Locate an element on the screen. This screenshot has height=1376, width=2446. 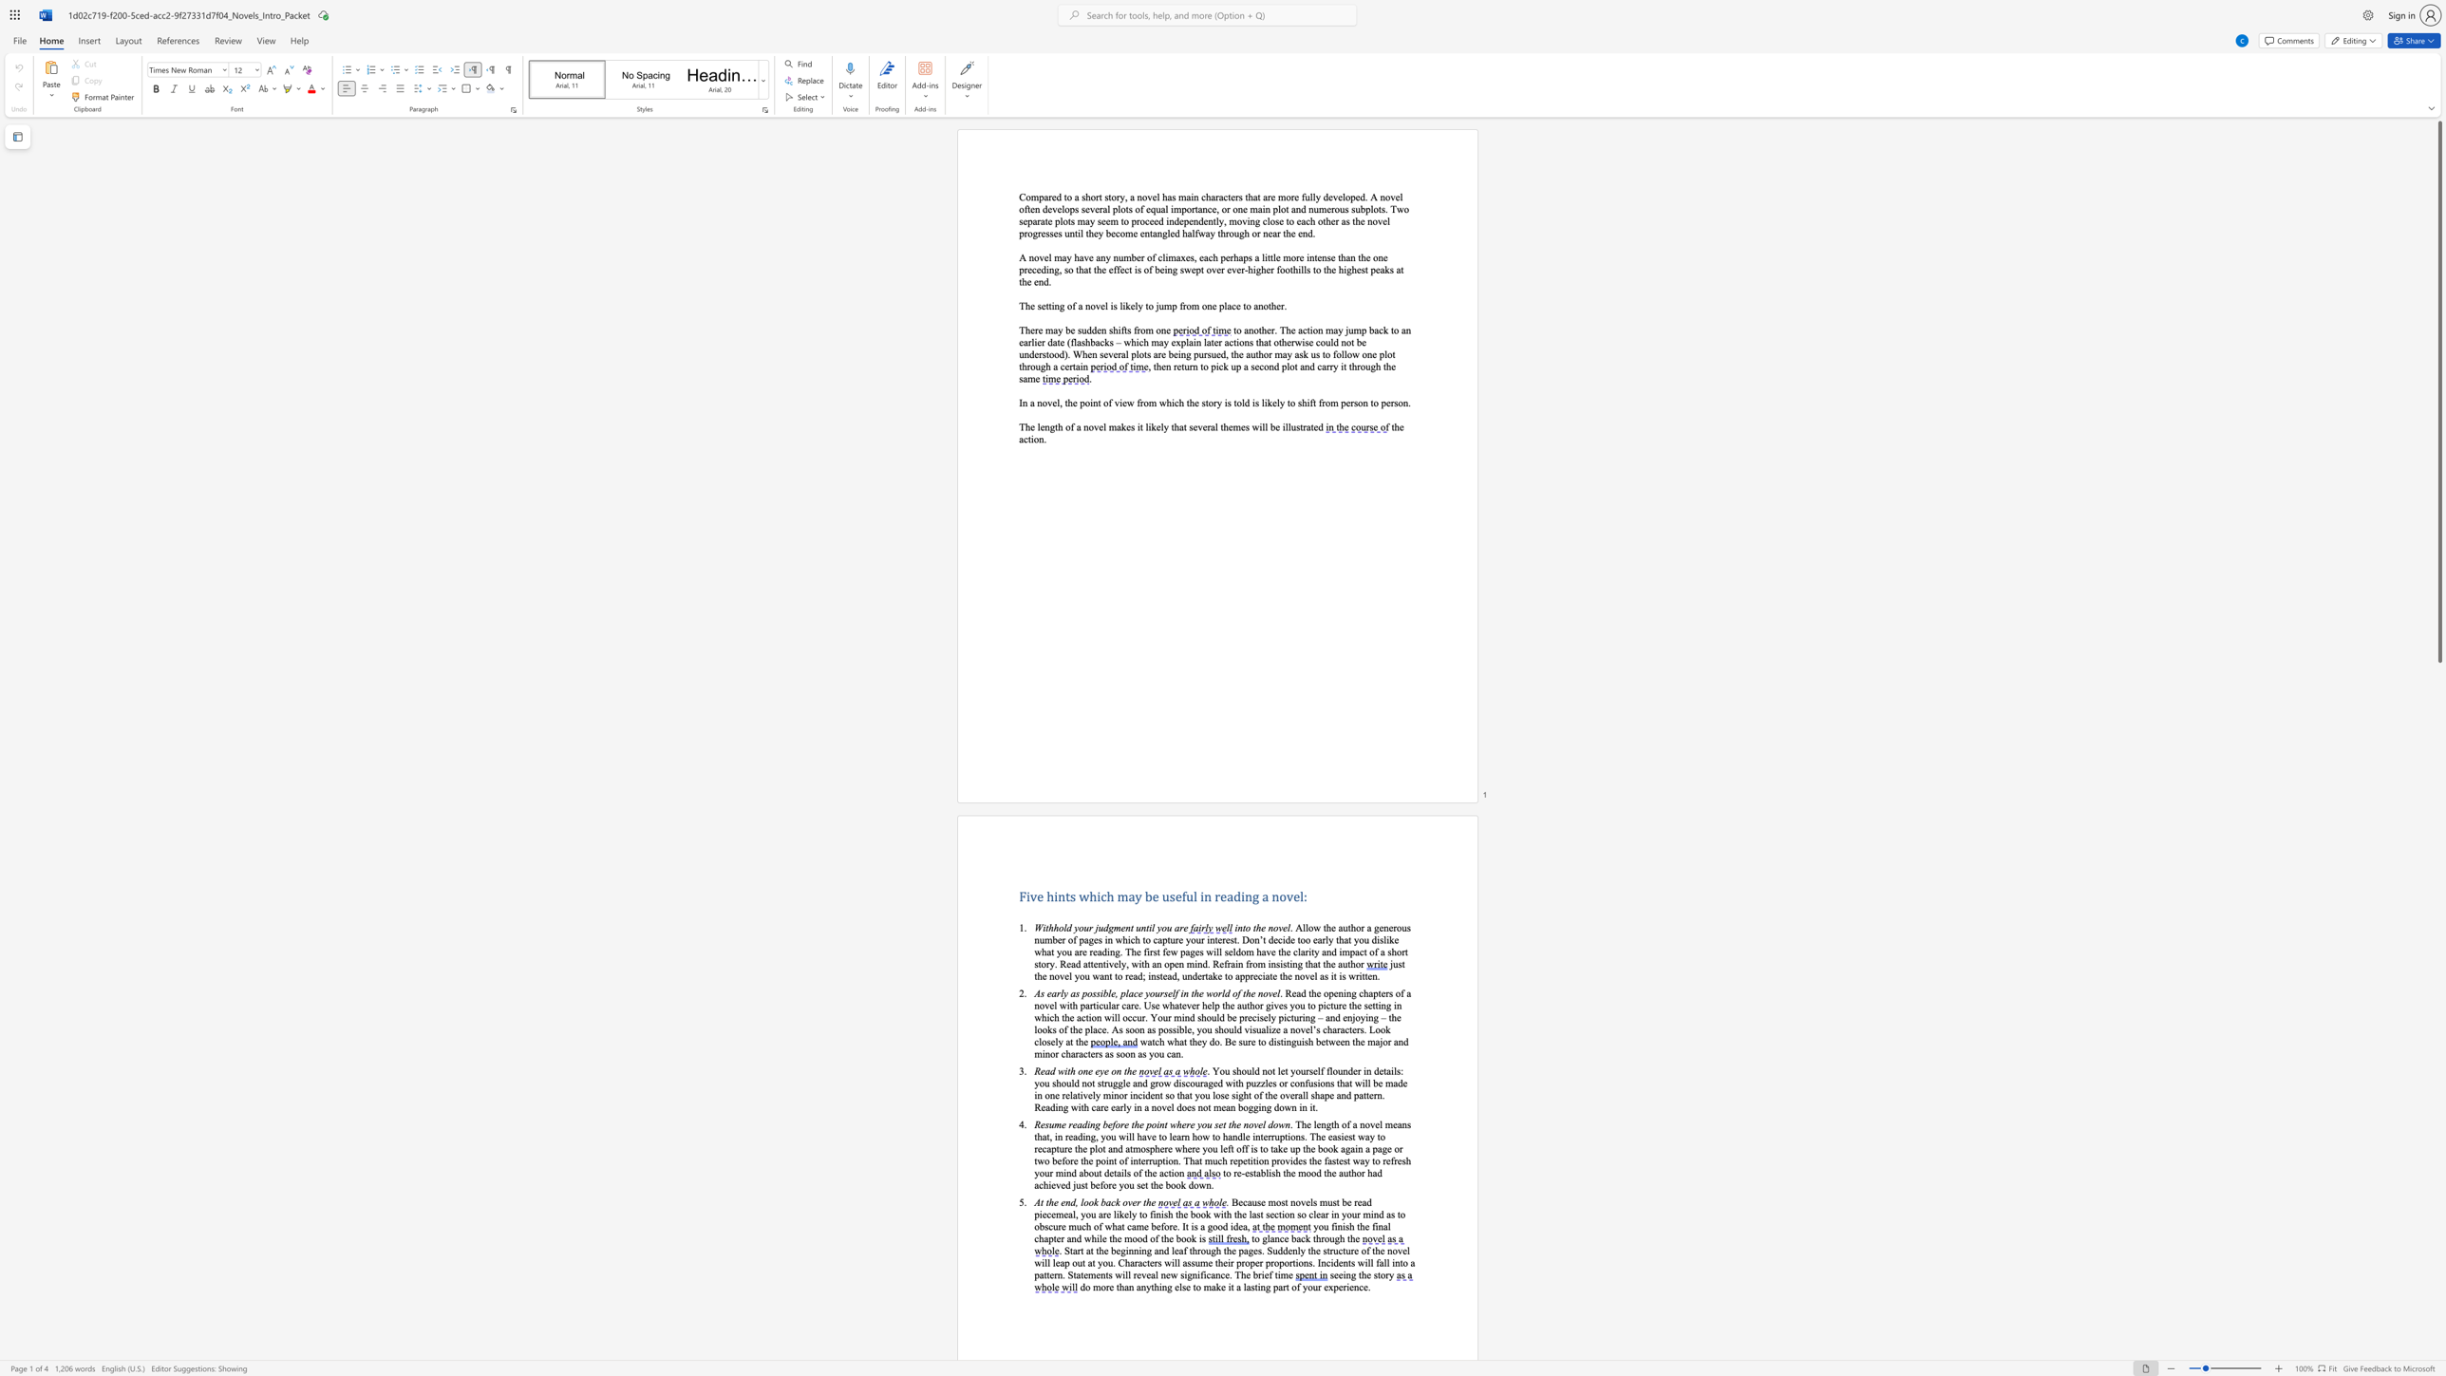
the subset text "losely at th" within the text ". Read the opening chapters of a novel with particular care. Use whatever help the author gives you to picture the setting in which the action will occur. Your mind should be precisely picturing – and enjoying – the looks of the place. As soon as possible, you should visualize a novel’s characters. Look closely at the" is located at coordinates (1038, 1041).